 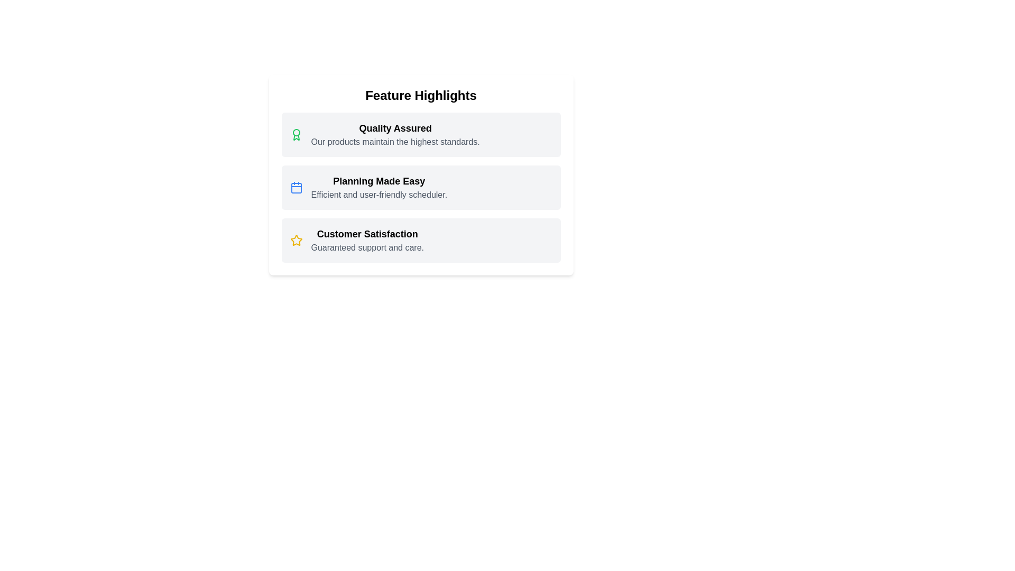 I want to click on the quality assurance icon located in the first row of the feature highlight section, to the left of the 'Quality Assured' text, so click(x=296, y=134).